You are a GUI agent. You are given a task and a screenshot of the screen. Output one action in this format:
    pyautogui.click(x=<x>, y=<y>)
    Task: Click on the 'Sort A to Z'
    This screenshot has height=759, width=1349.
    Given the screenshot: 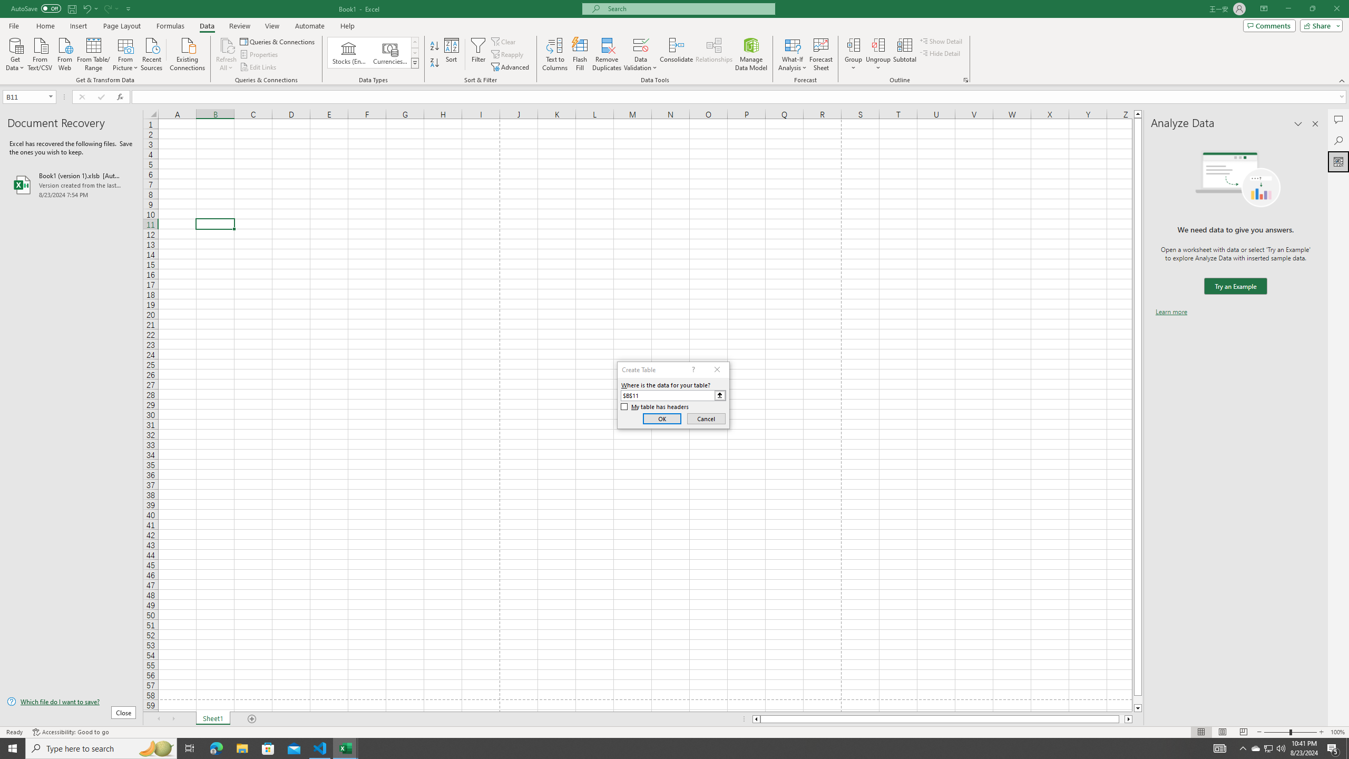 What is the action you would take?
    pyautogui.click(x=434, y=46)
    